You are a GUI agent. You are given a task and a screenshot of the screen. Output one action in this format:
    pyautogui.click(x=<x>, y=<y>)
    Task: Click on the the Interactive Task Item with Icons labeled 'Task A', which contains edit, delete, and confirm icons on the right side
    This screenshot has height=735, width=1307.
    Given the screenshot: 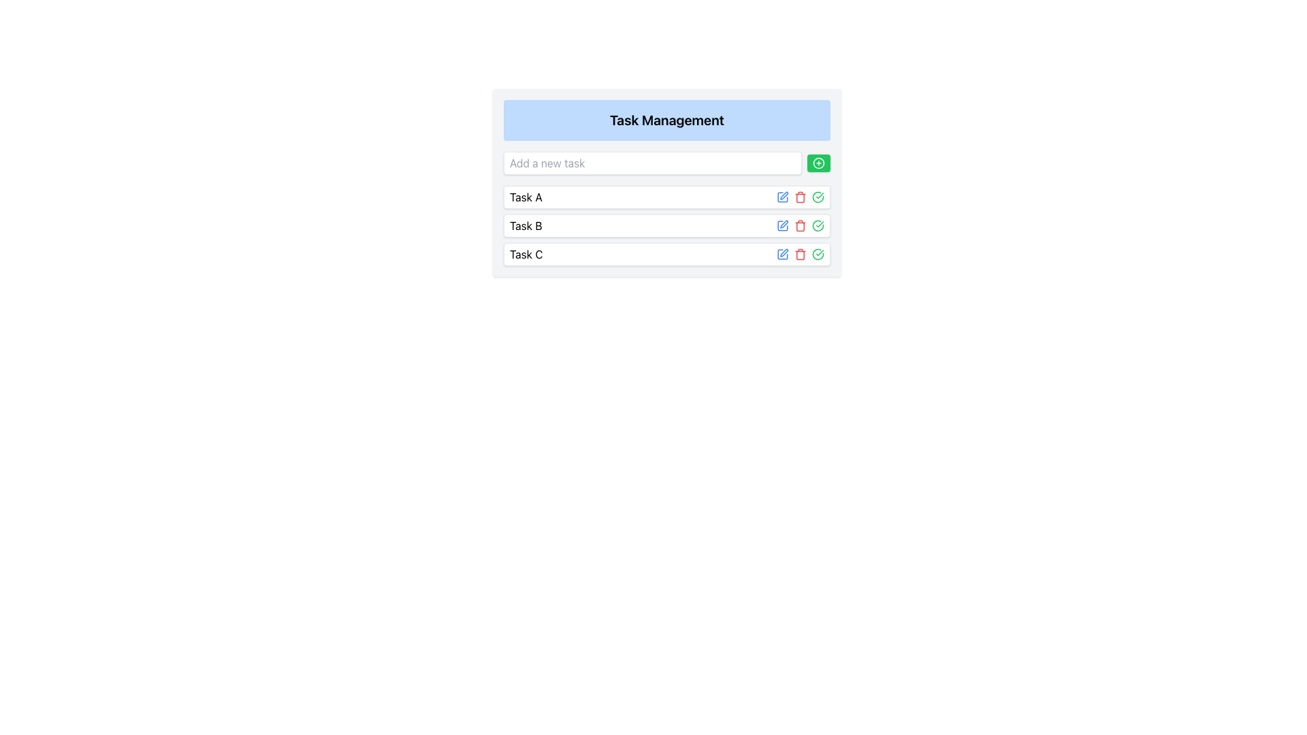 What is the action you would take?
    pyautogui.click(x=666, y=197)
    